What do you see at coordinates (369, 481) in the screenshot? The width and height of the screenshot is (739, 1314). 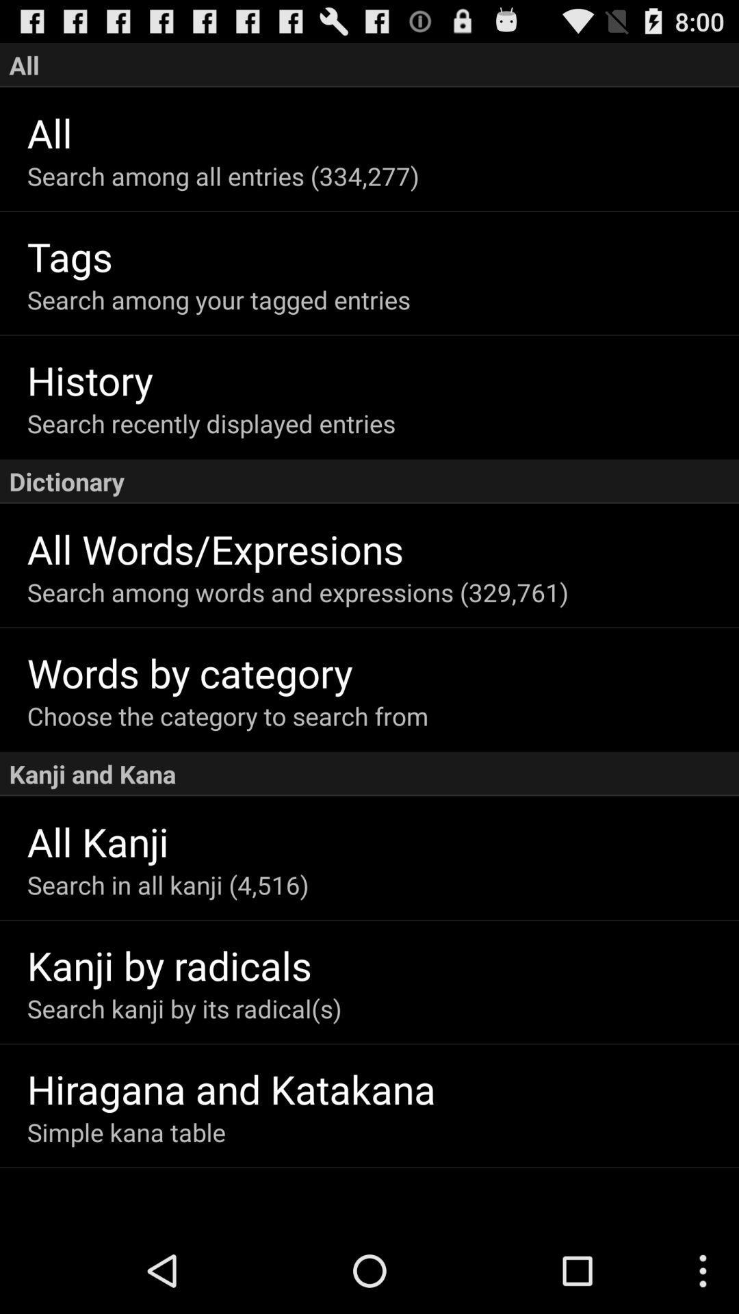 I see `the item below search recently displayed app` at bounding box center [369, 481].